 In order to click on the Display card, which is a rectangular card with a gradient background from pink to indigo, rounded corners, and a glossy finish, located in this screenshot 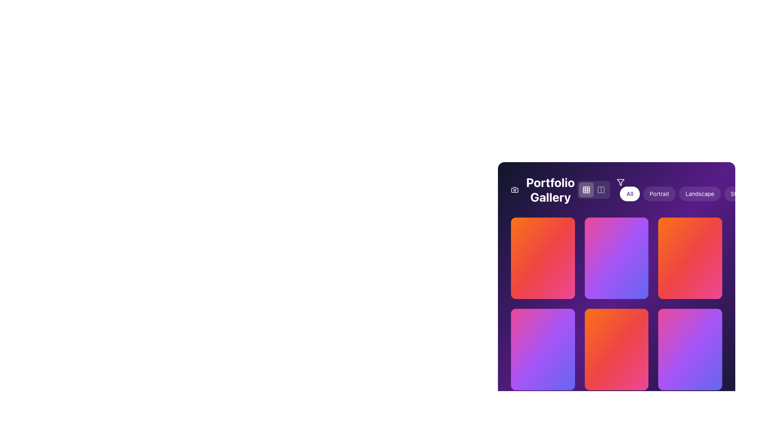, I will do `click(542, 349)`.